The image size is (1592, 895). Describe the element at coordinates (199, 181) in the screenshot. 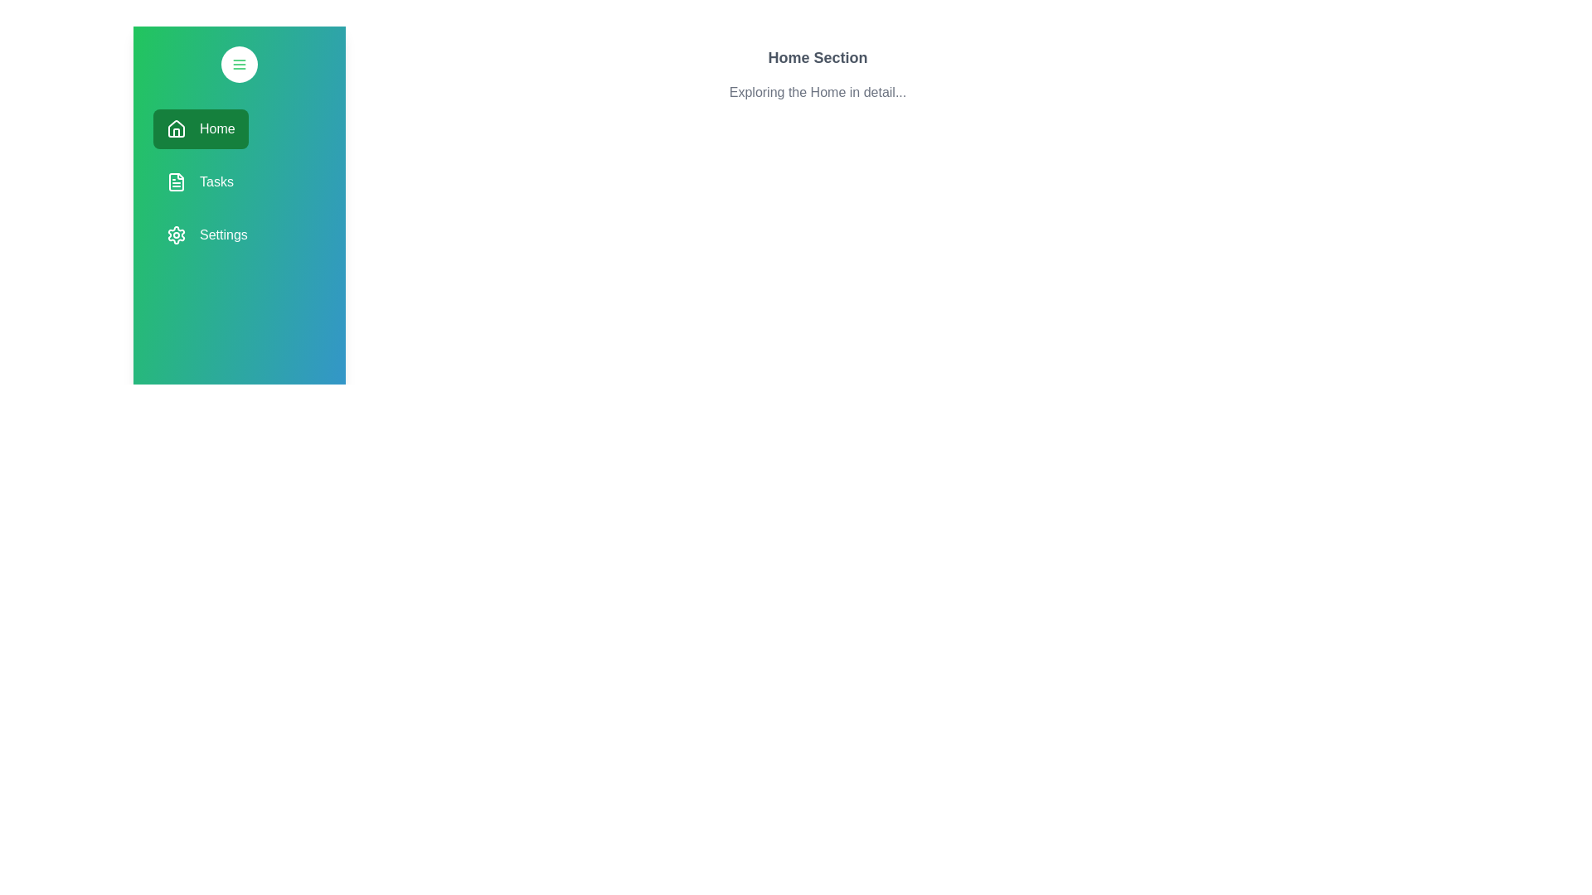

I see `the 'Tasks' button located in the vertical menu` at that location.